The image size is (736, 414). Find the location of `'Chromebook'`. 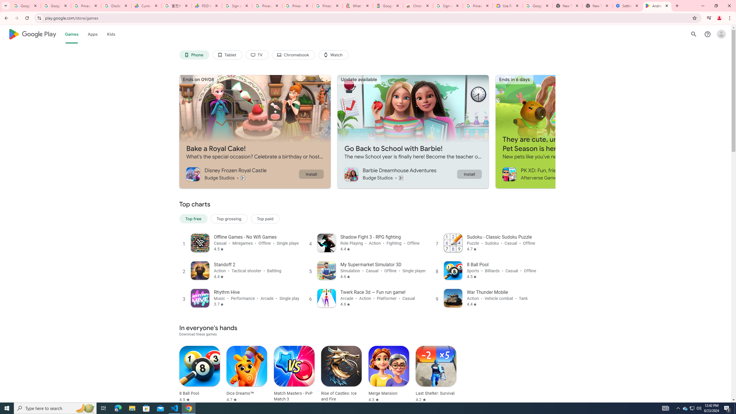

'Chromebook' is located at coordinates (294, 55).